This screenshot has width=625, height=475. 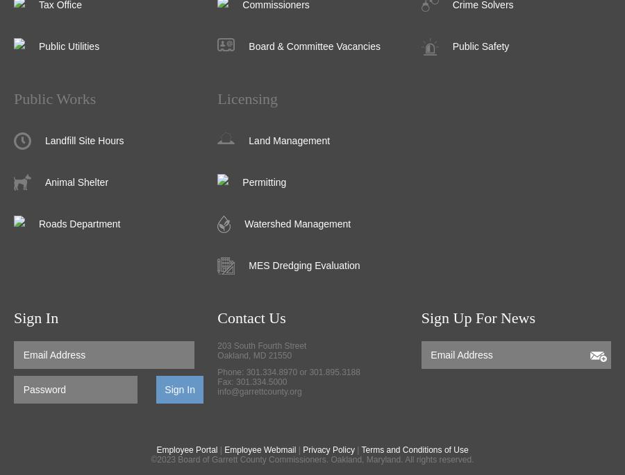 What do you see at coordinates (217, 371) in the screenshot?
I see `'Phone: 301.334.8970 or 301.895.3188'` at bounding box center [217, 371].